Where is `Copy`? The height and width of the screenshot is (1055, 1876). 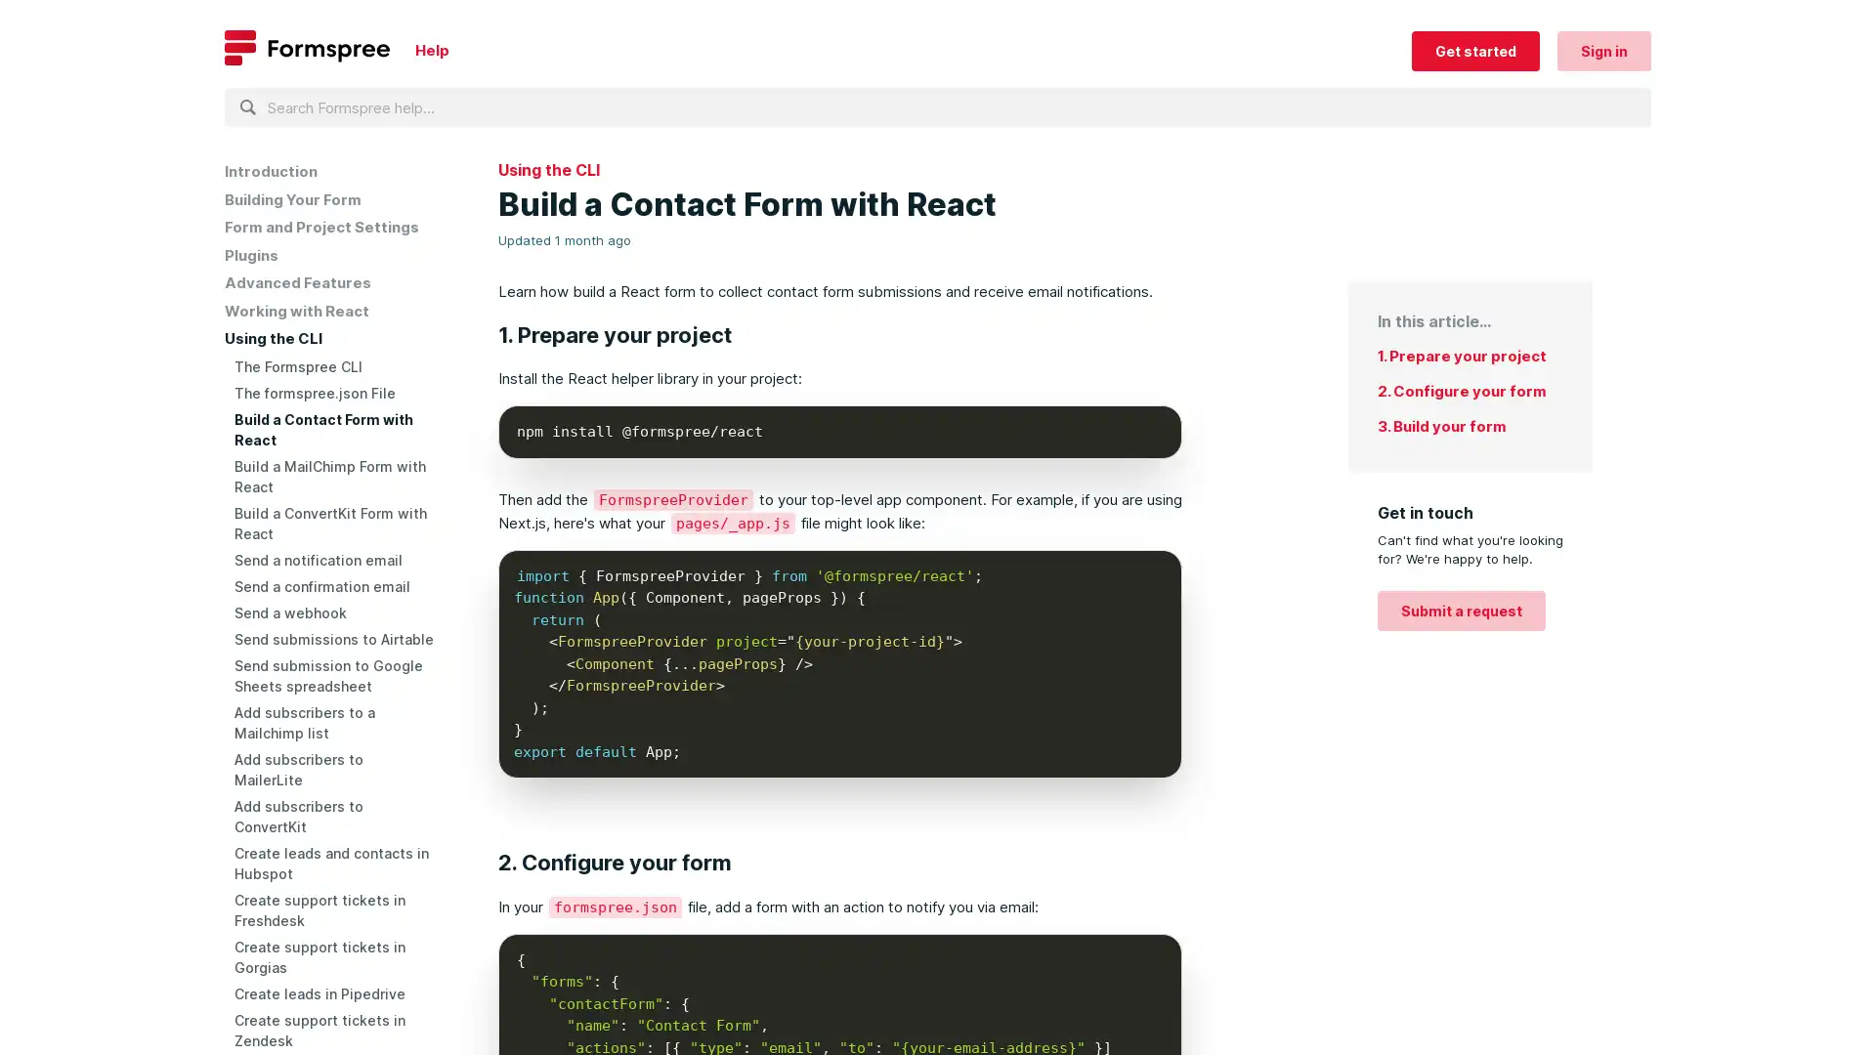
Copy is located at coordinates (1158, 949).